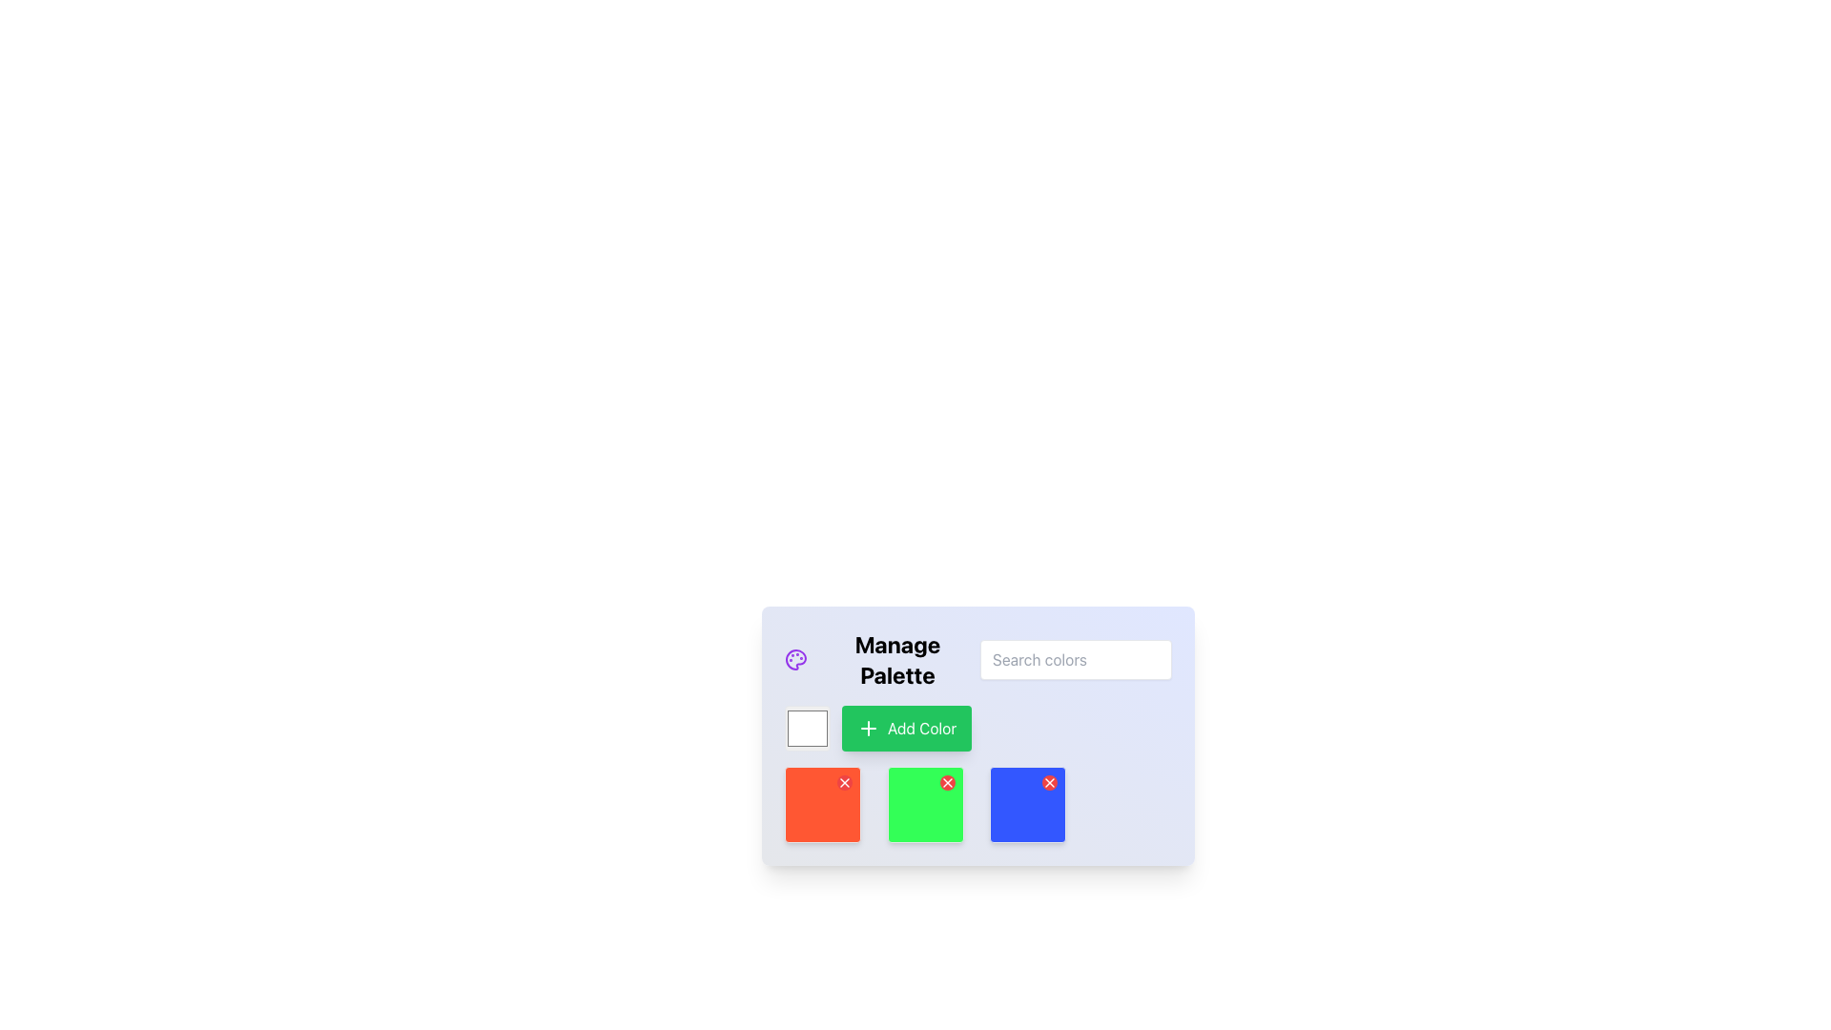  Describe the element at coordinates (881, 658) in the screenshot. I see `the 'Manage Palette' header text element, which is bold, large-sized, and black, featuring a purple palette icon on its left` at that location.